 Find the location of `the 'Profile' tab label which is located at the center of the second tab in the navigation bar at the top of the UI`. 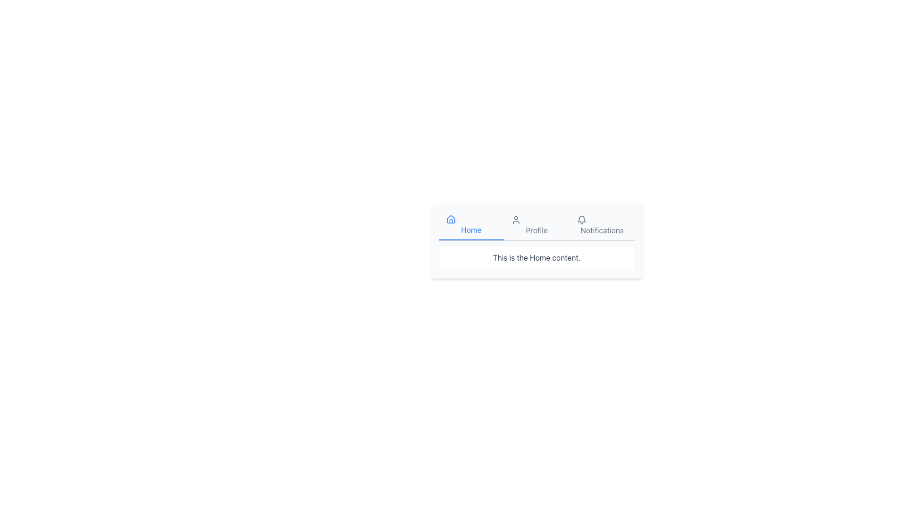

the 'Profile' tab label which is located at the center of the second tab in the navigation bar at the top of the UI is located at coordinates (537, 230).